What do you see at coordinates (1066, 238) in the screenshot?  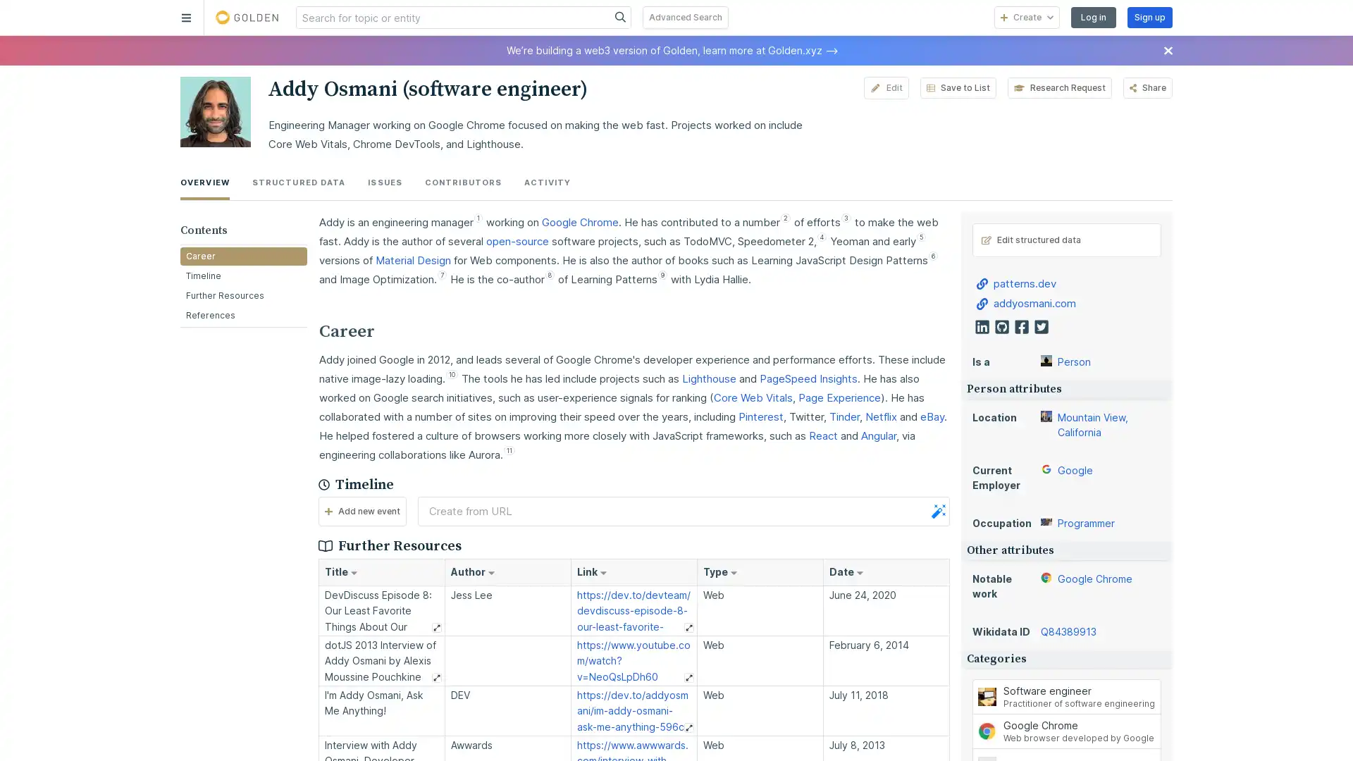 I see `Edit structured data` at bounding box center [1066, 238].